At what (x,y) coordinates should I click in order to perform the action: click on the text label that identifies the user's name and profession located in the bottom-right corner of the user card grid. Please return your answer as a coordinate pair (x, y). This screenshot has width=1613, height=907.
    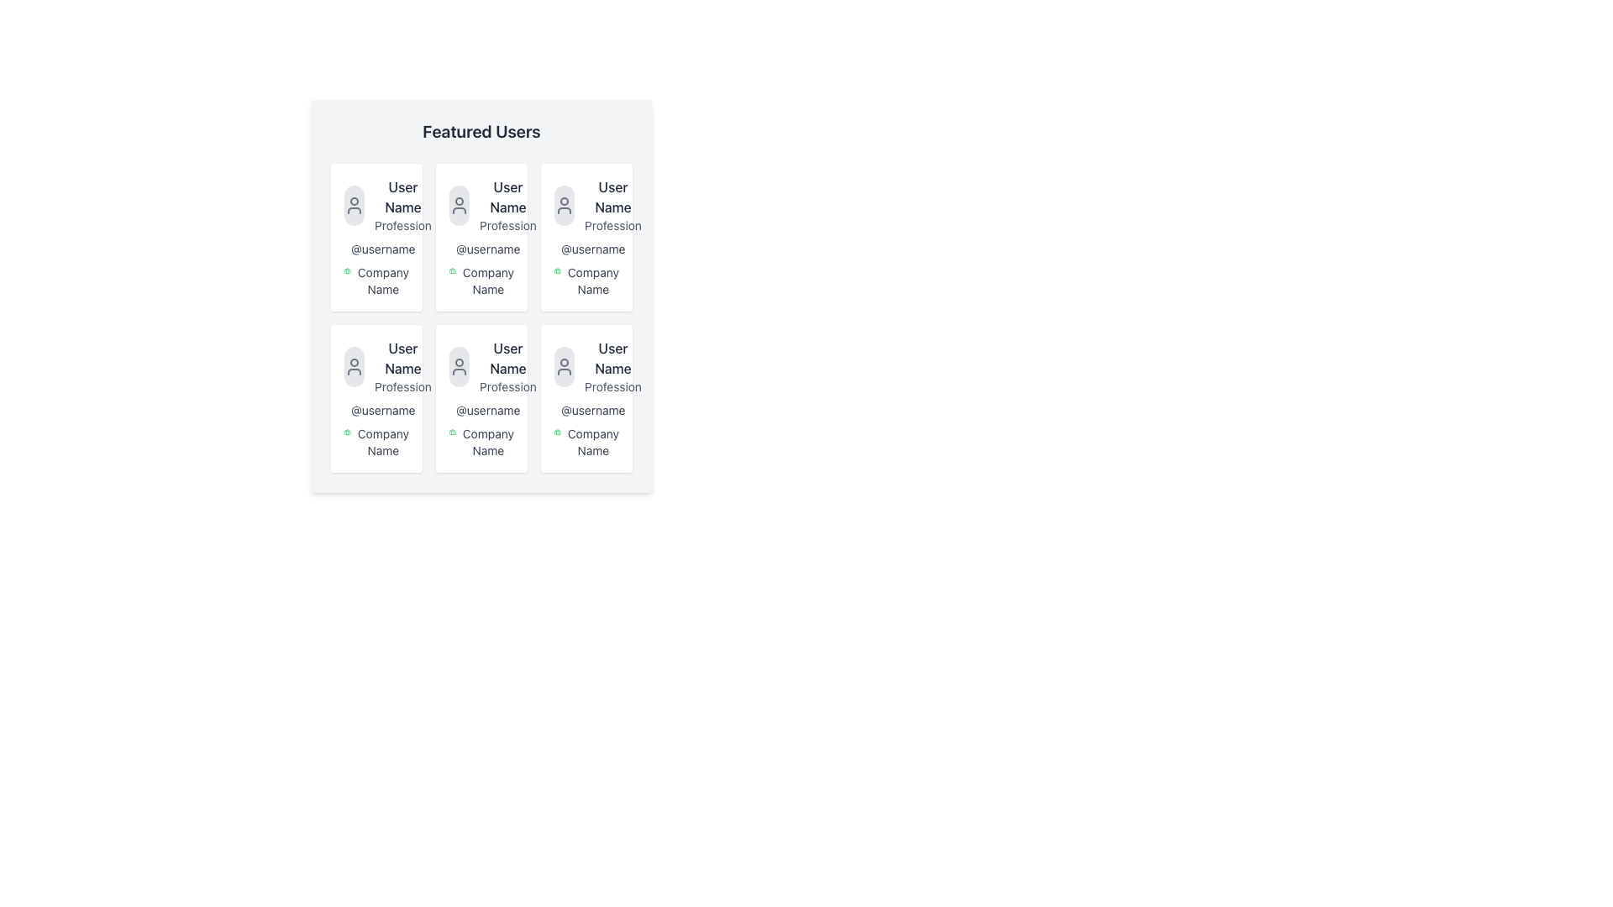
    Looking at the image, I should click on (612, 365).